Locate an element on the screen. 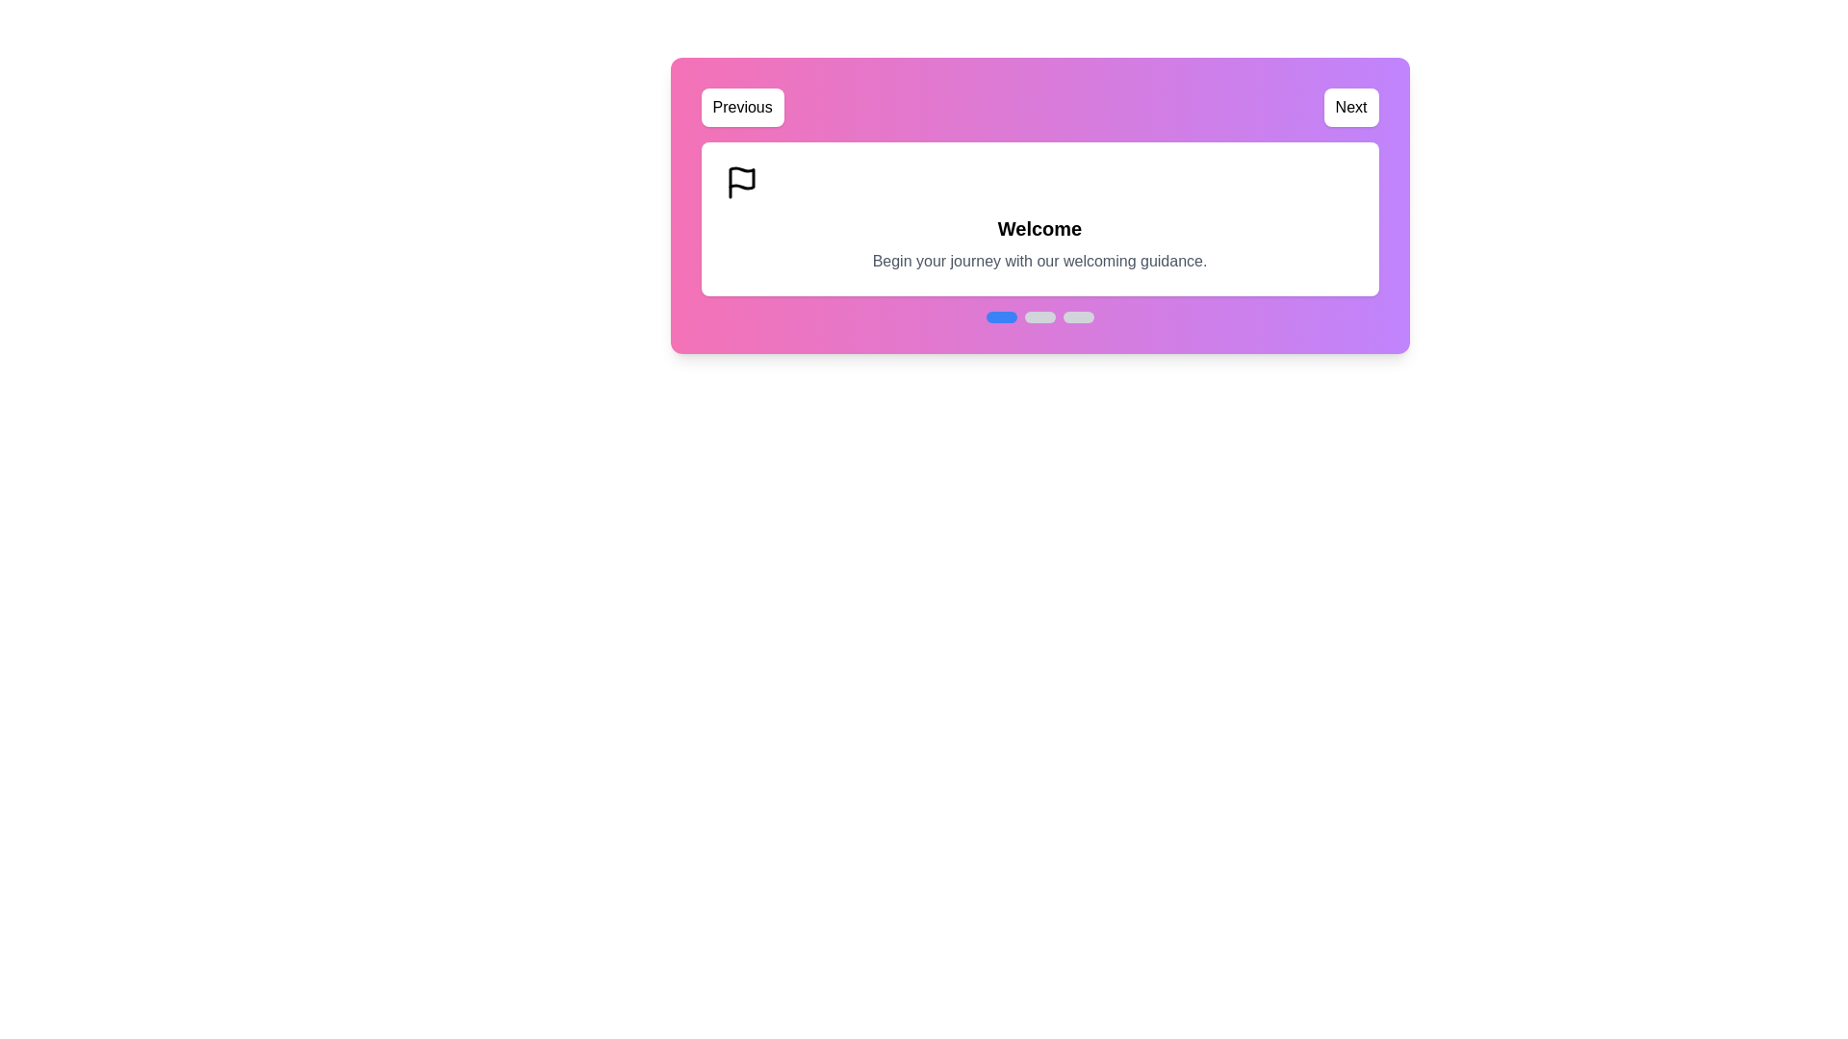  the Next button to navigate between steps is located at coordinates (1350, 107).